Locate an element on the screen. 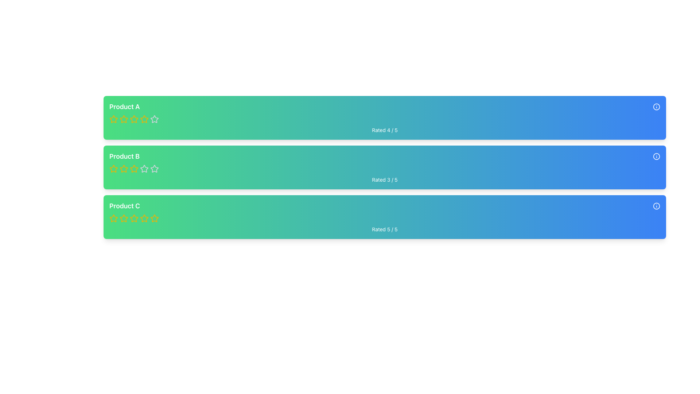 This screenshot has height=394, width=700. the fifth star from the left in the row of stars for 'Product A' is located at coordinates (134, 119).